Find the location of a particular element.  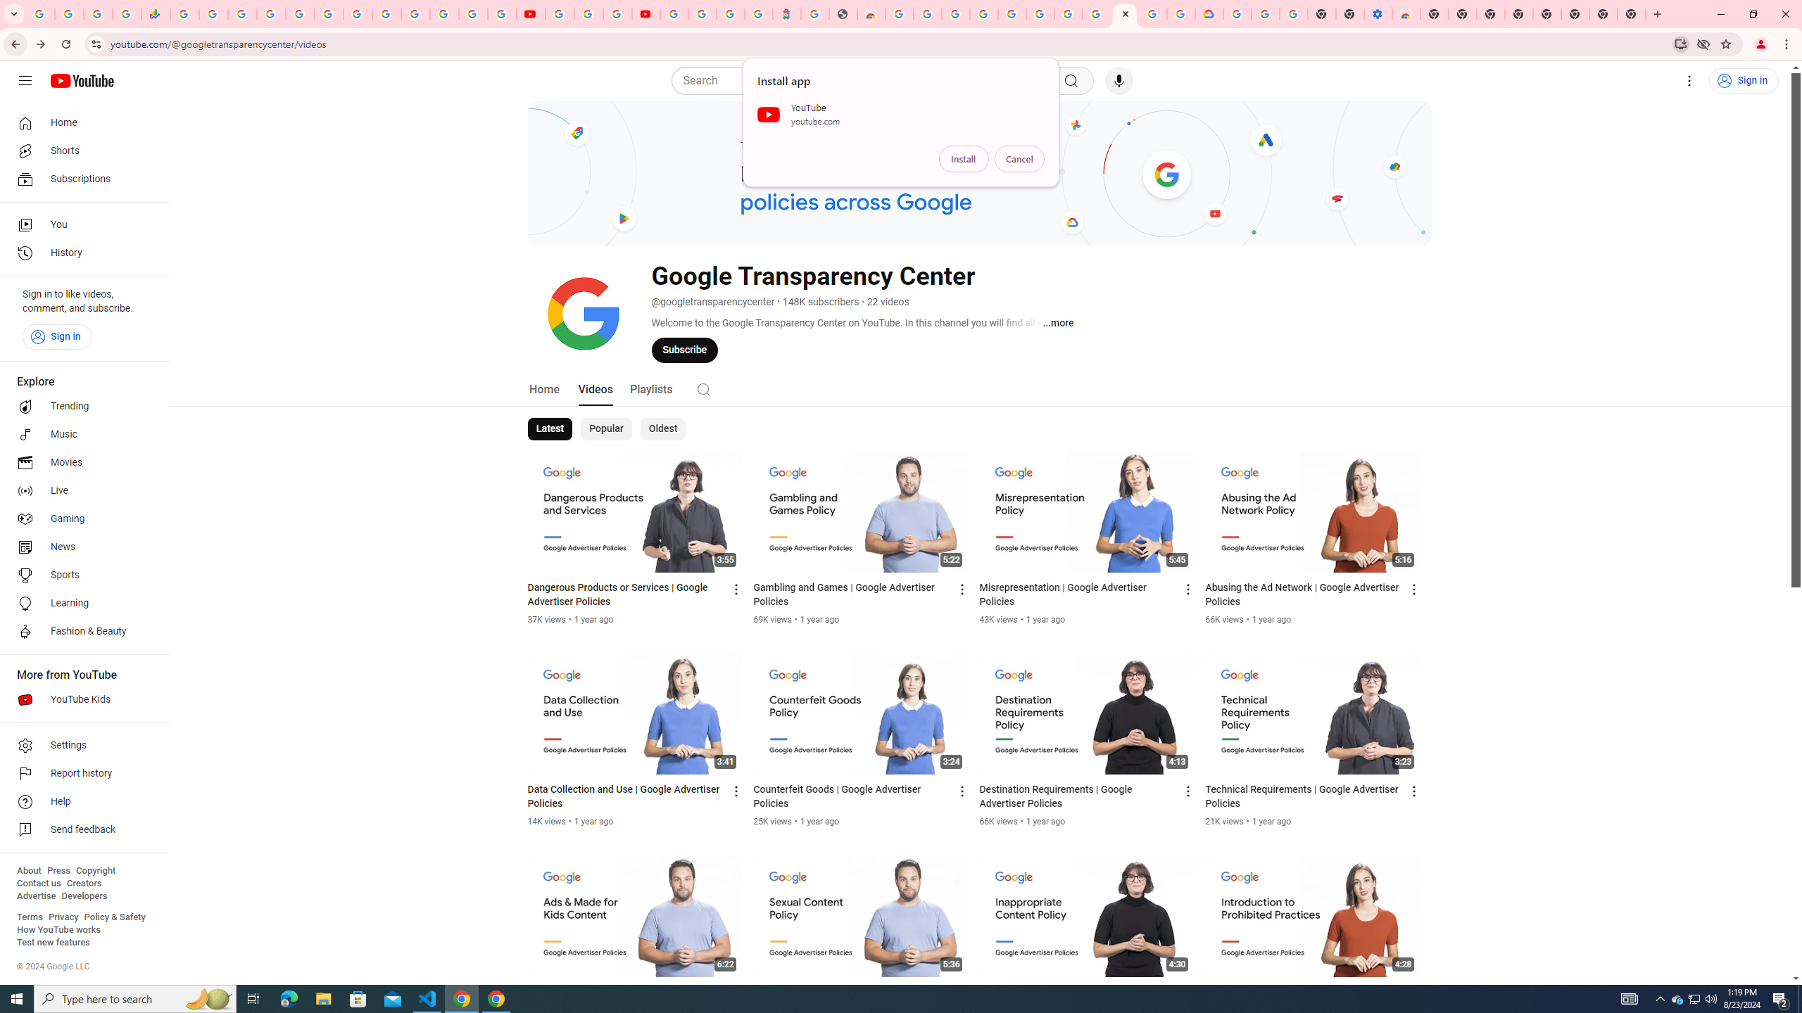

'Oldest' is located at coordinates (661, 428).